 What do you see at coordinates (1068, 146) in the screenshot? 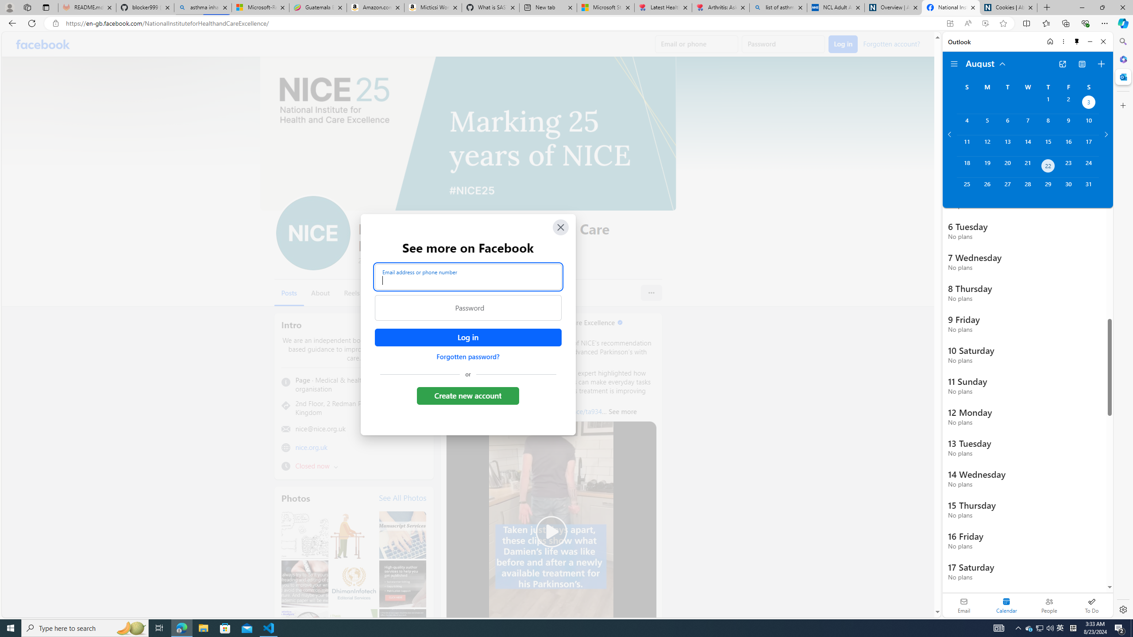
I see `'Friday, August 16, 2024. '` at bounding box center [1068, 146].